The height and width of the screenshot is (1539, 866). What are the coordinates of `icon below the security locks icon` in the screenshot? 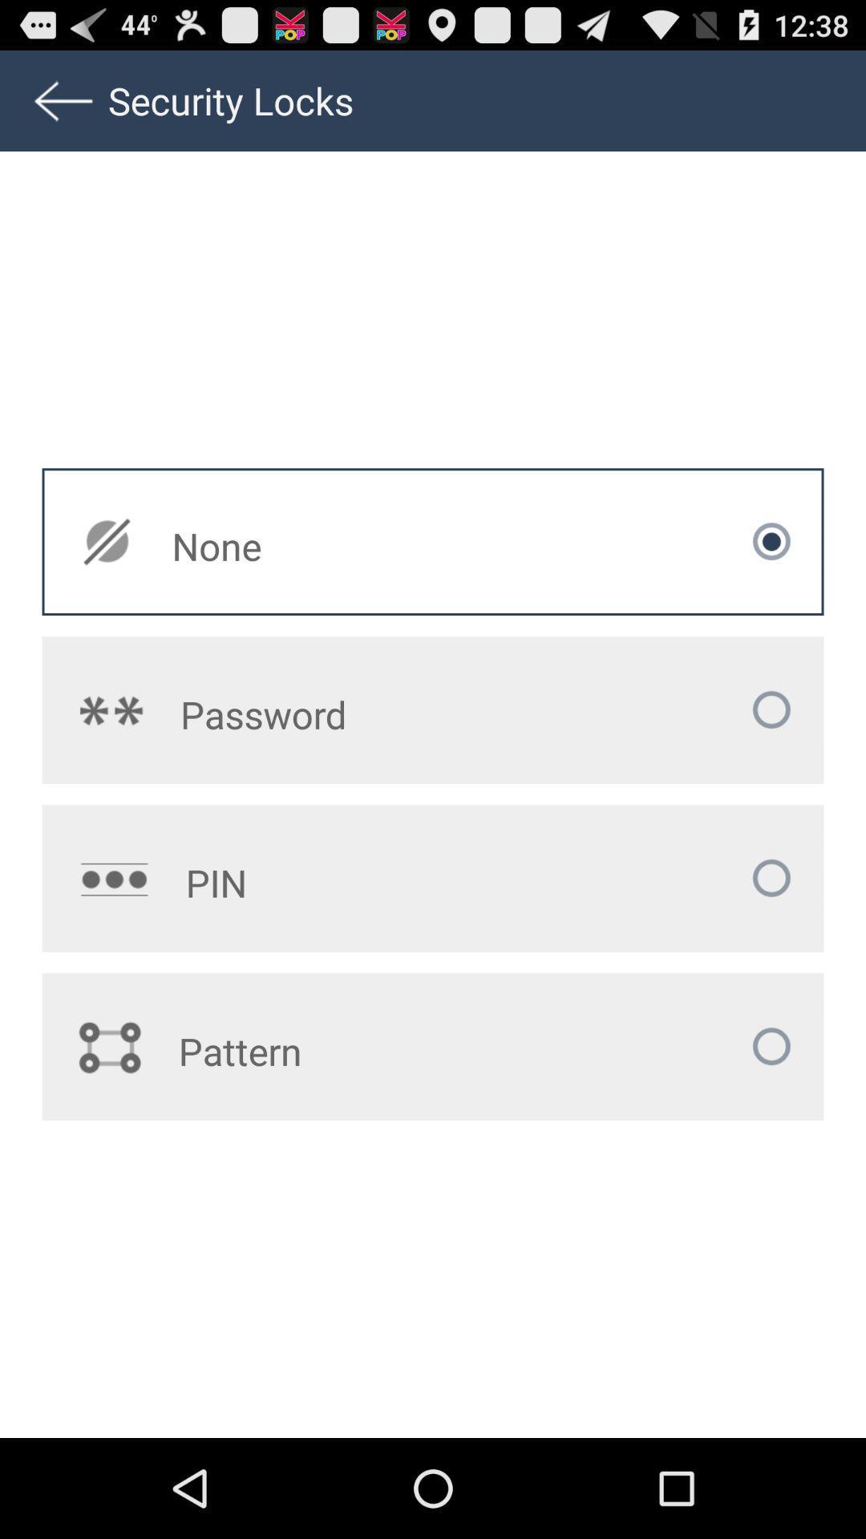 It's located at (329, 546).